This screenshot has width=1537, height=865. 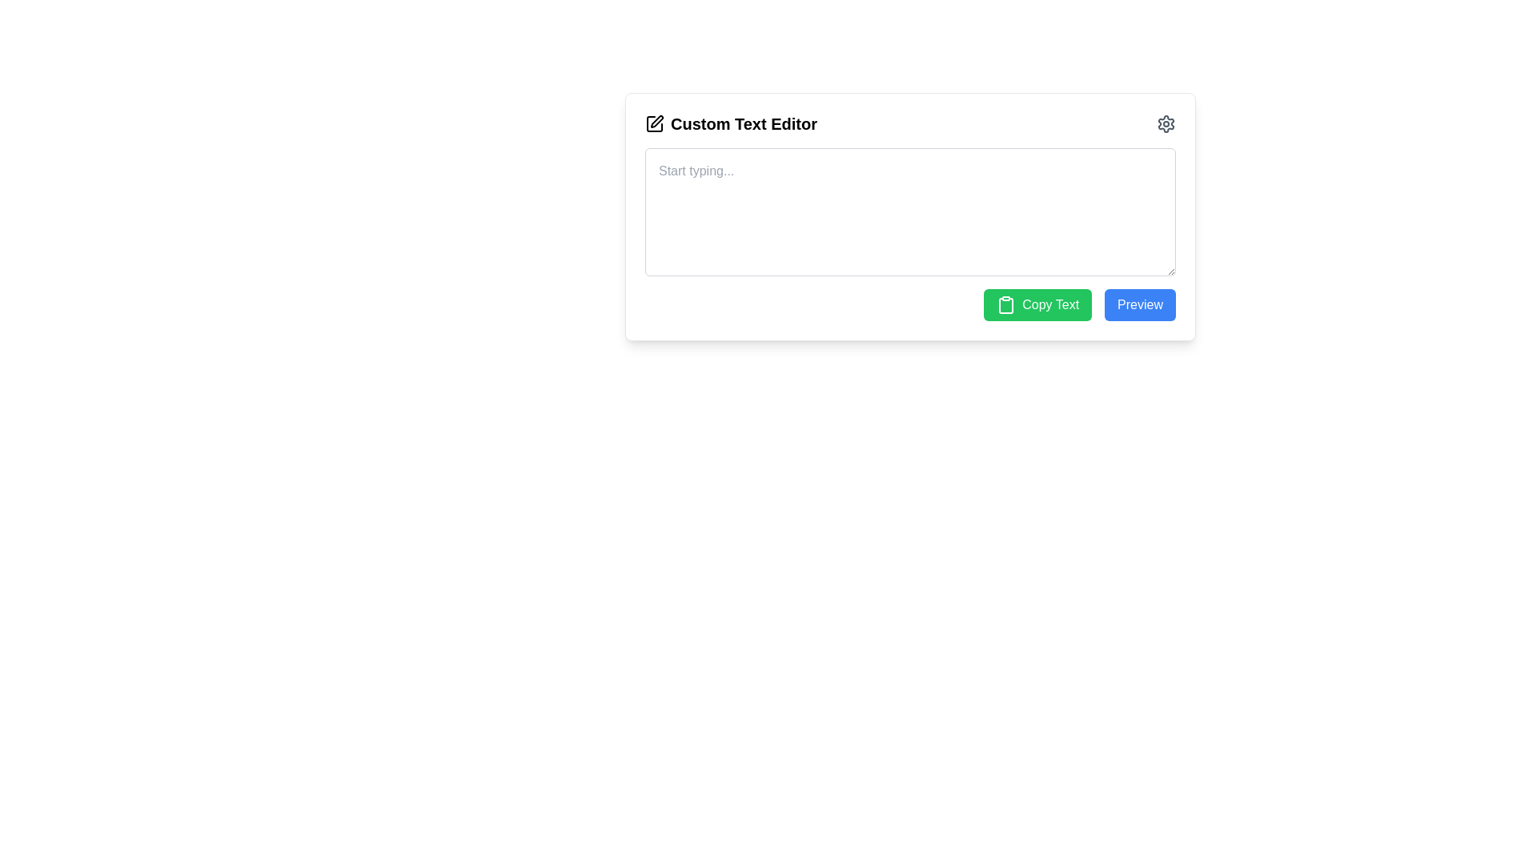 What do you see at coordinates (1166, 123) in the screenshot?
I see `the gear/settings icon located in the top-right corner of the interactive editor module` at bounding box center [1166, 123].